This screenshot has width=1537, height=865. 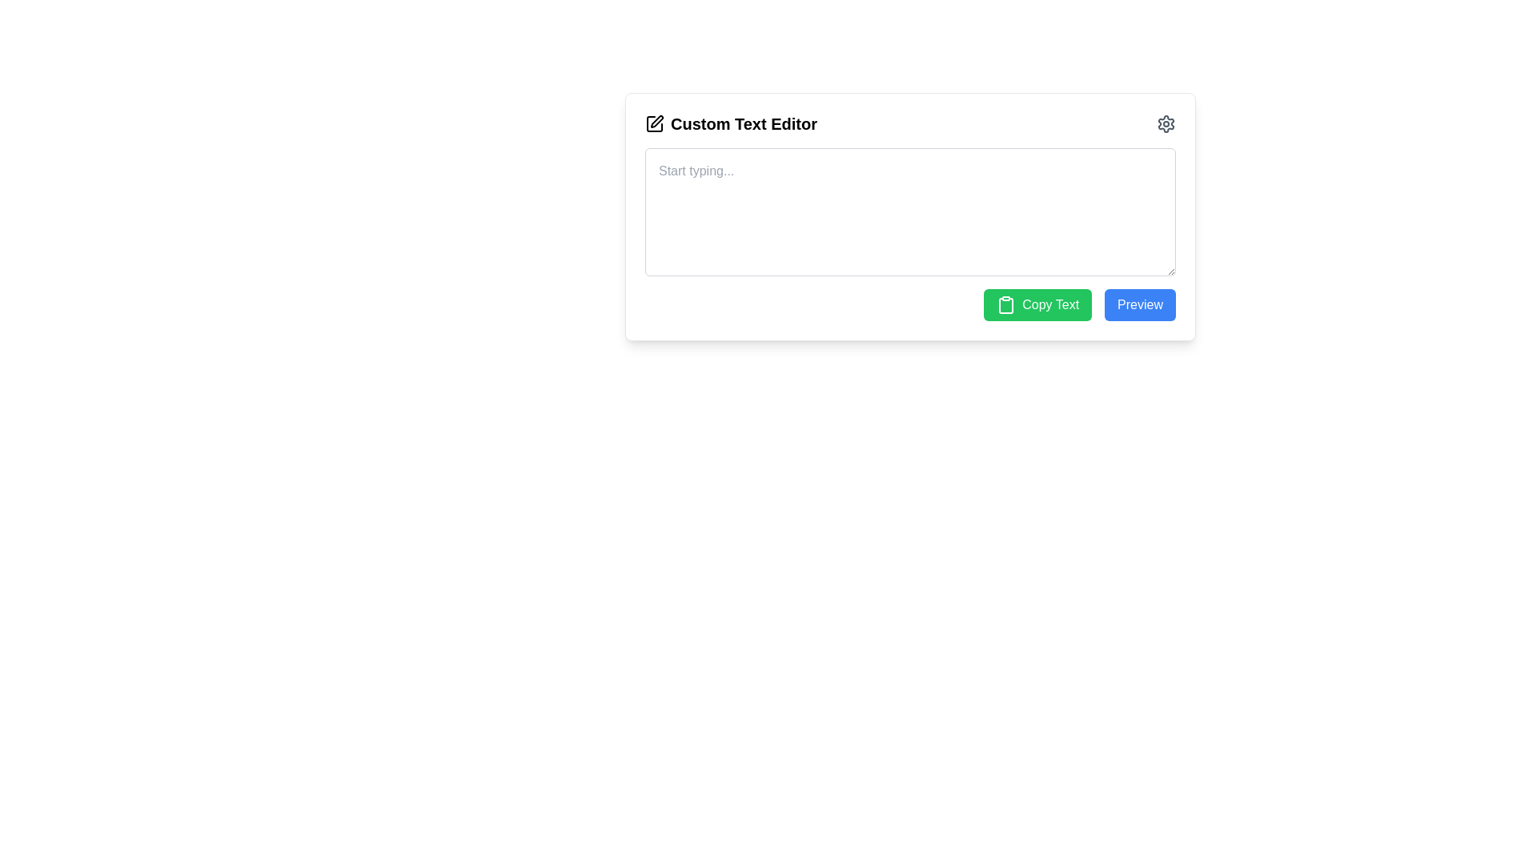 What do you see at coordinates (1166, 123) in the screenshot?
I see `the gear/settings icon located in the top-right corner of the interactive editor module` at bounding box center [1166, 123].